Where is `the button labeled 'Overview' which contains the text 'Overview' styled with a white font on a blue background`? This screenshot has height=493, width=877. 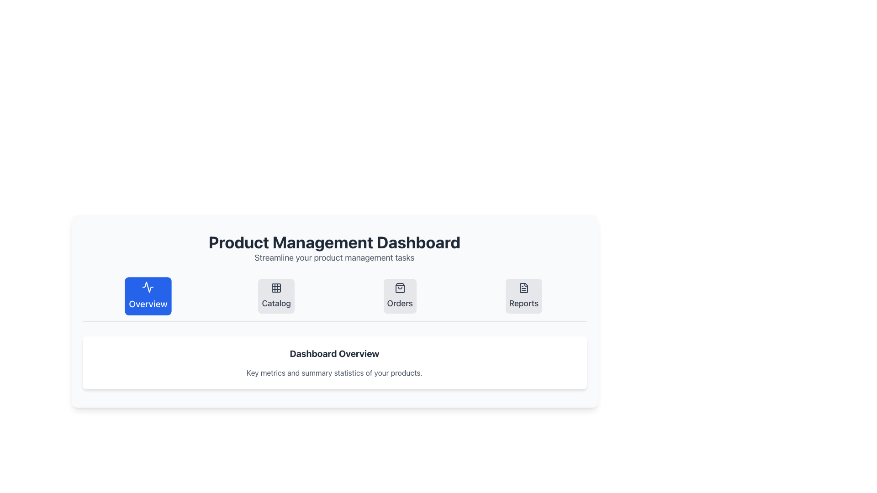
the button labeled 'Overview' which contains the text 'Overview' styled with a white font on a blue background is located at coordinates (148, 304).